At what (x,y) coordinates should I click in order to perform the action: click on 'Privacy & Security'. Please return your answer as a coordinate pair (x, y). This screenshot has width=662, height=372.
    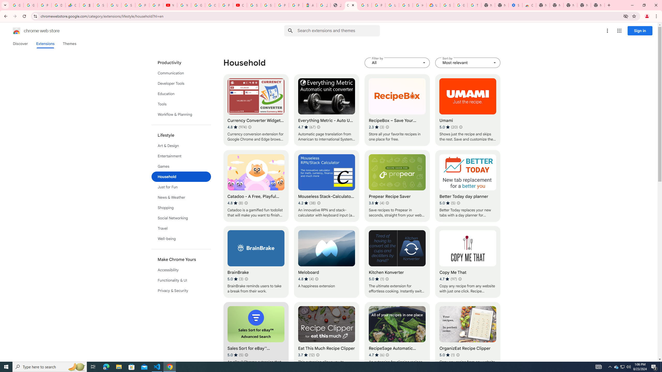
    Looking at the image, I should click on (181, 290).